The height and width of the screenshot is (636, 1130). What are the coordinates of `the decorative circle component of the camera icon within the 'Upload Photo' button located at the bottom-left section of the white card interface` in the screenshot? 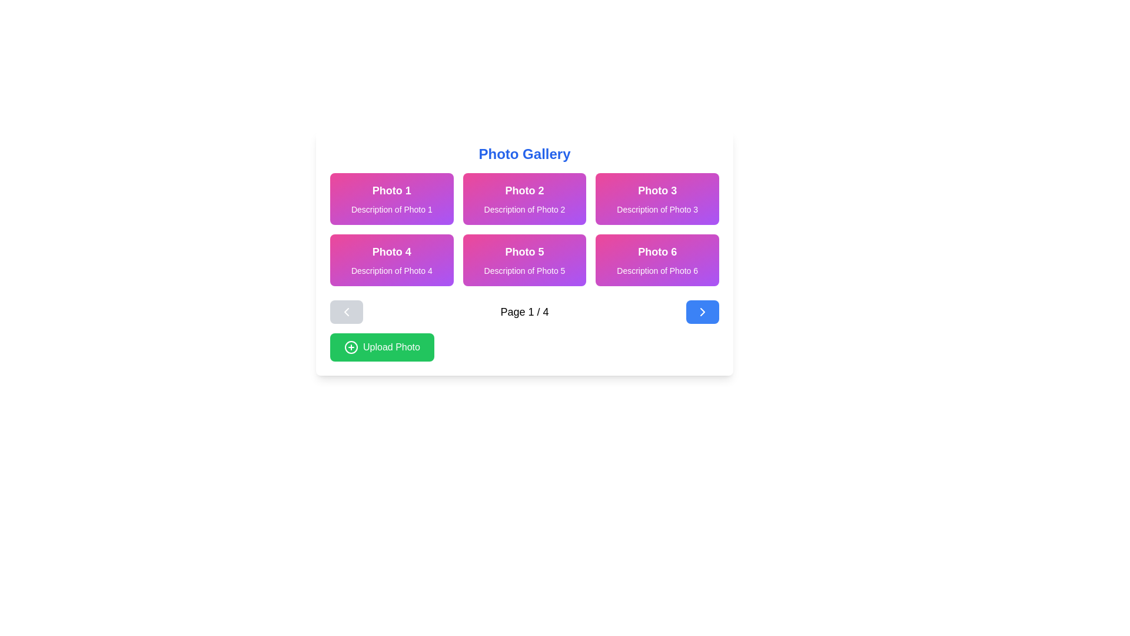 It's located at (350, 347).